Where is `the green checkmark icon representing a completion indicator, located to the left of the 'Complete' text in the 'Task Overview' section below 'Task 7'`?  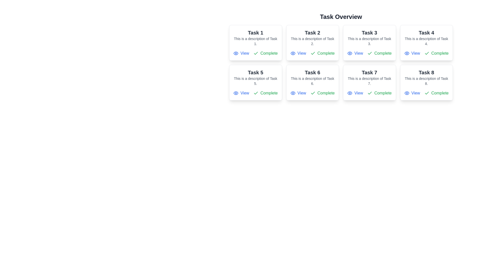
the green checkmark icon representing a completion indicator, located to the left of the 'Complete' text in the 'Task Overview' section below 'Task 7' is located at coordinates (370, 93).